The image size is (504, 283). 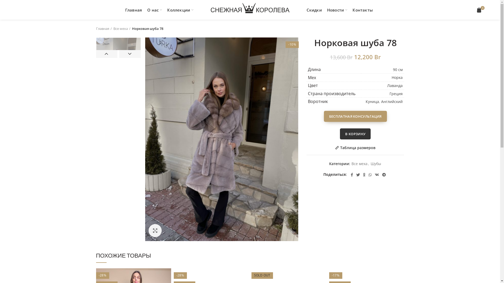 I want to click on 'Odnoklassniki', so click(x=364, y=175).